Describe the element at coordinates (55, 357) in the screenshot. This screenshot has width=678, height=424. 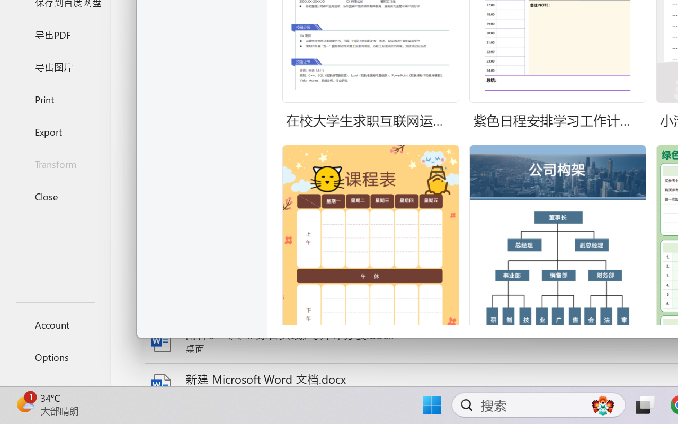
I see `'Options'` at that location.